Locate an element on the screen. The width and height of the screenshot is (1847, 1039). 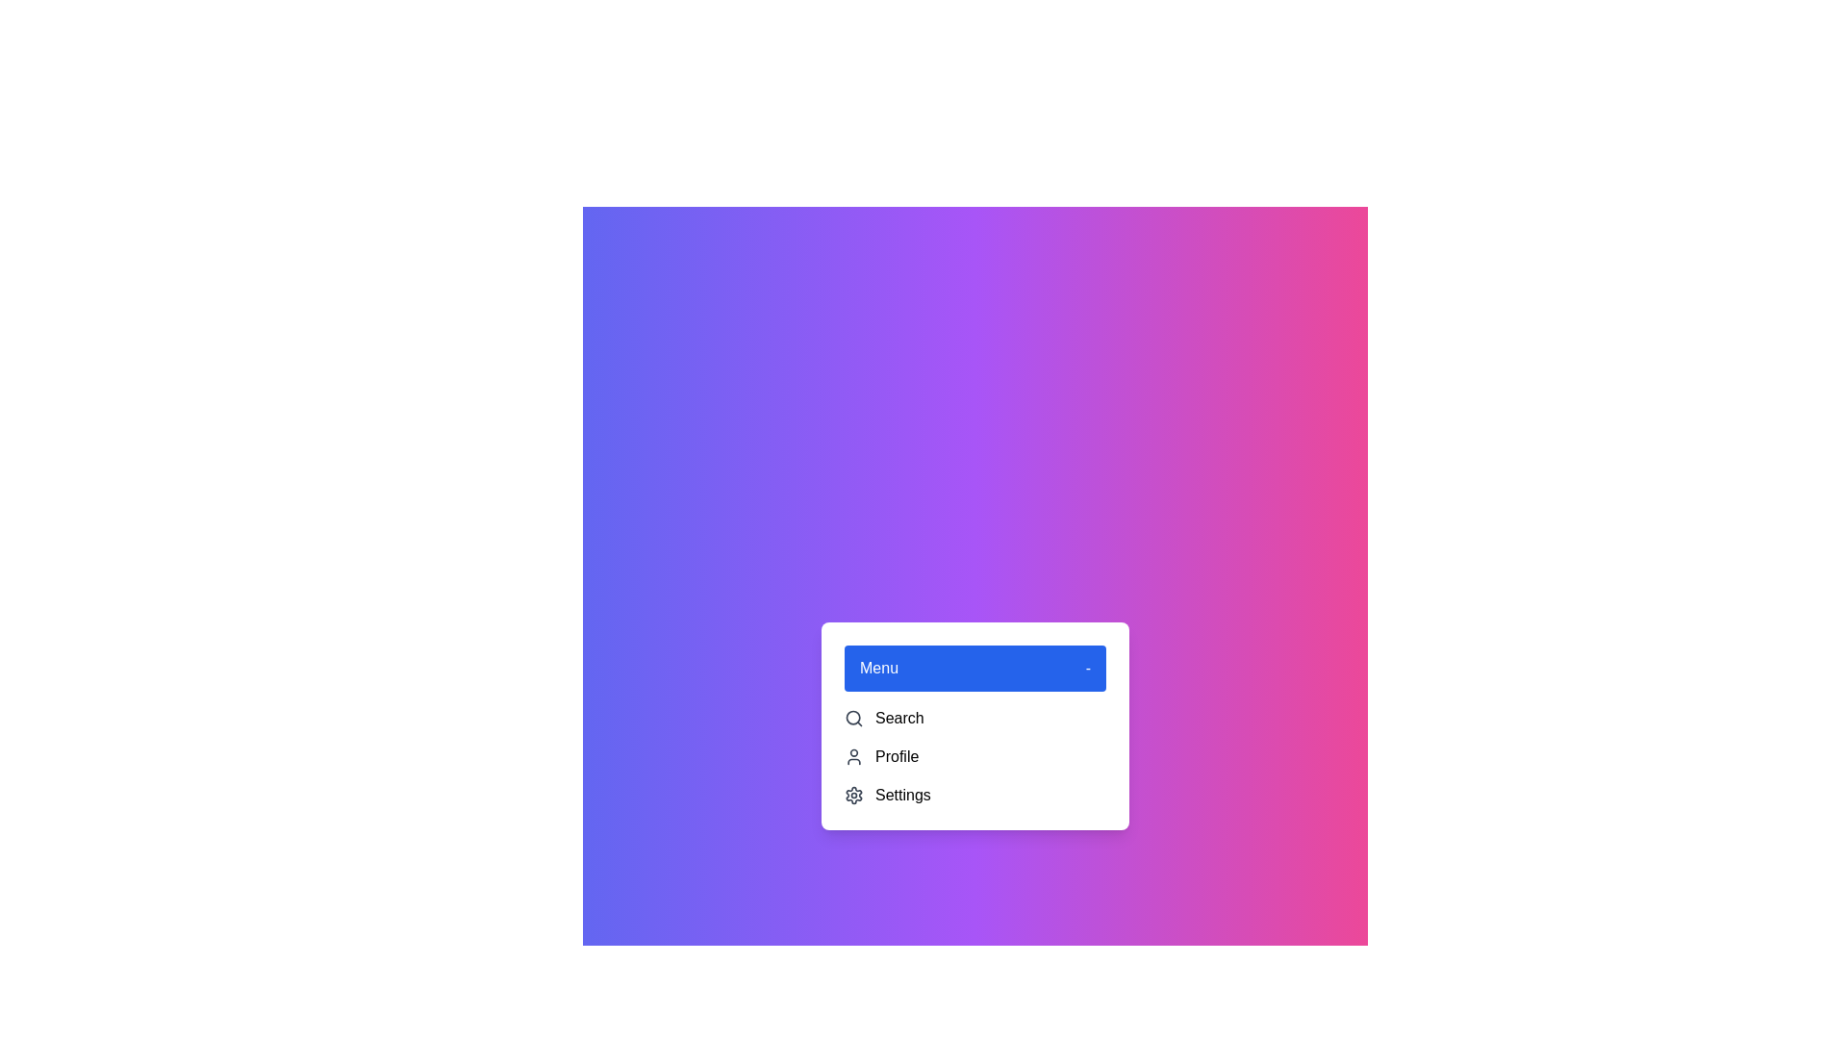
the icon and label for Profile in the dropdown menu is located at coordinates (853, 755).